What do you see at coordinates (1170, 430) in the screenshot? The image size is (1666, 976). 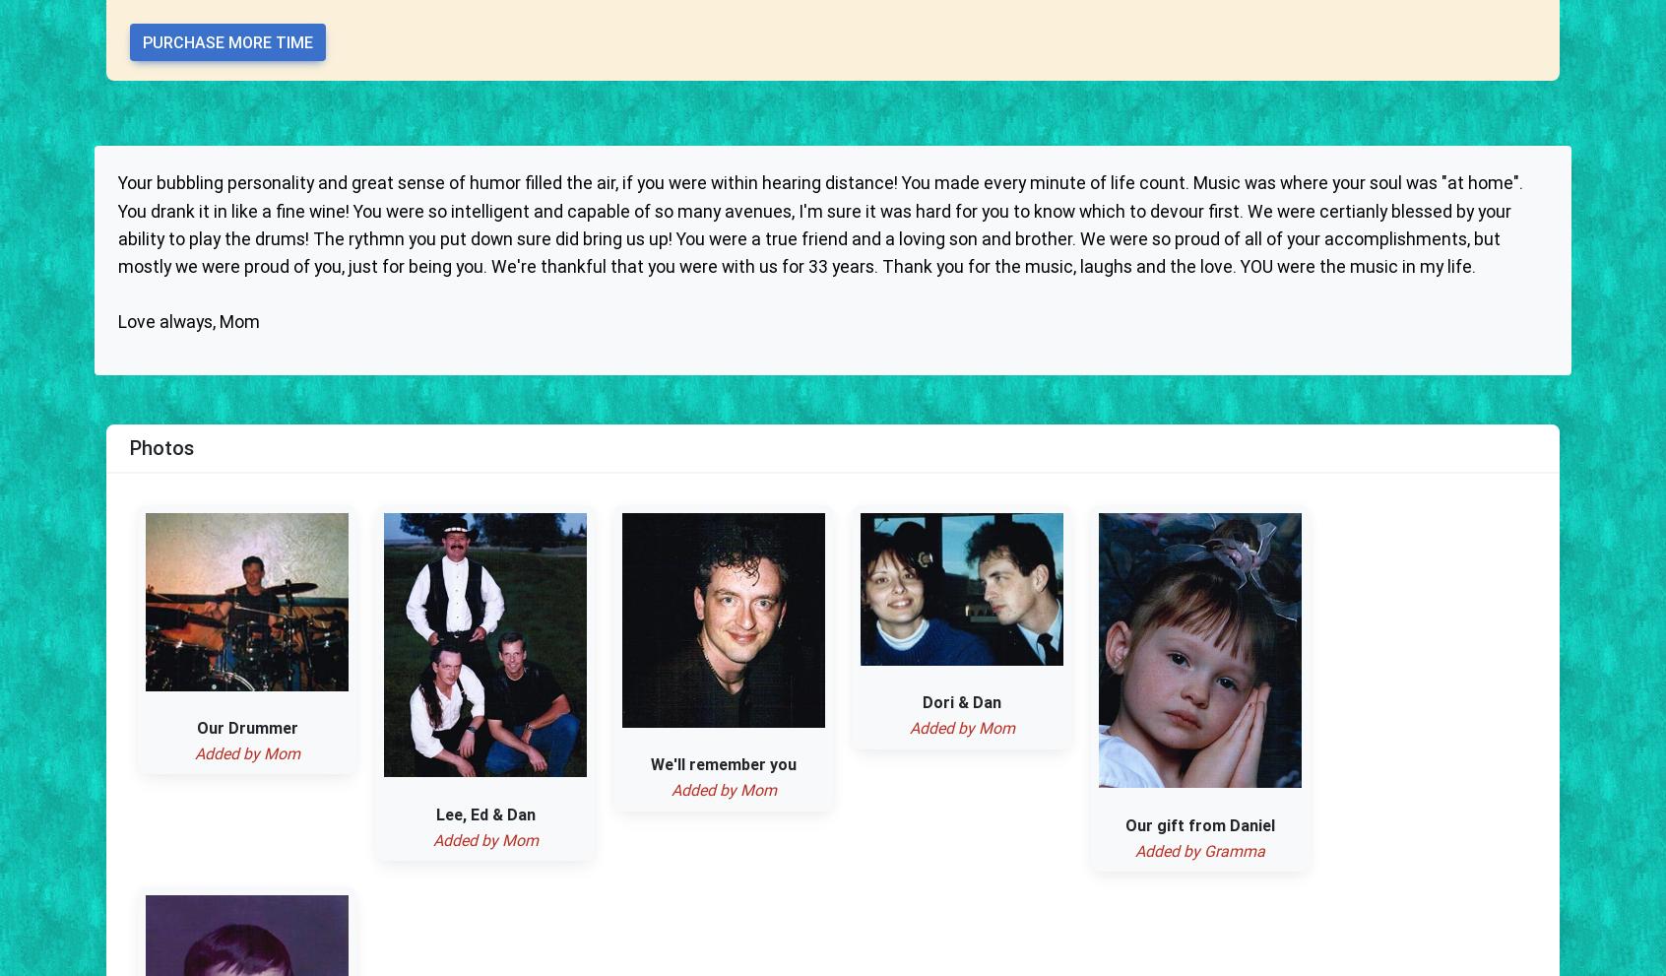 I see `'FAQ'` at bounding box center [1170, 430].